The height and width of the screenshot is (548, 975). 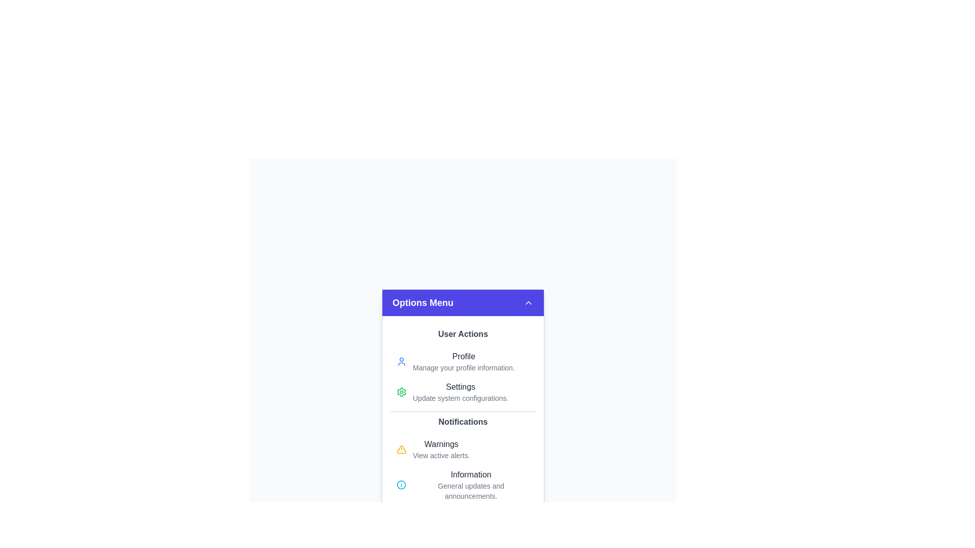 I want to click on the 'Information' menu item, which consists of a bold dark gray title and a lighter description, located below the 'Warnings' item in the 'Options Menu' dropdown, so click(x=470, y=485).